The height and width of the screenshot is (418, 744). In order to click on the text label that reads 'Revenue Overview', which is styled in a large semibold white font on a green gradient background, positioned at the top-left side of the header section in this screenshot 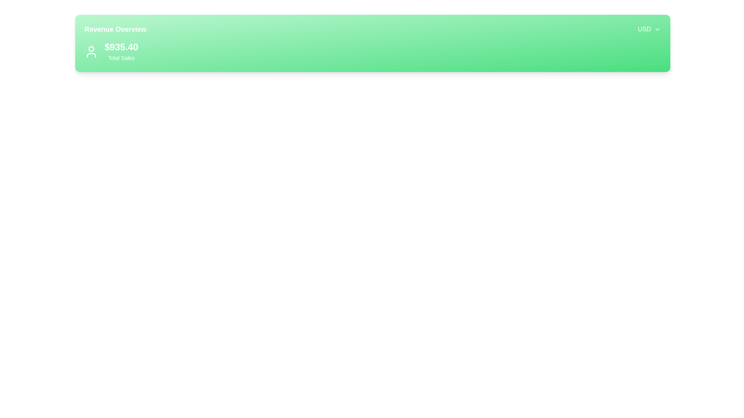, I will do `click(115, 29)`.